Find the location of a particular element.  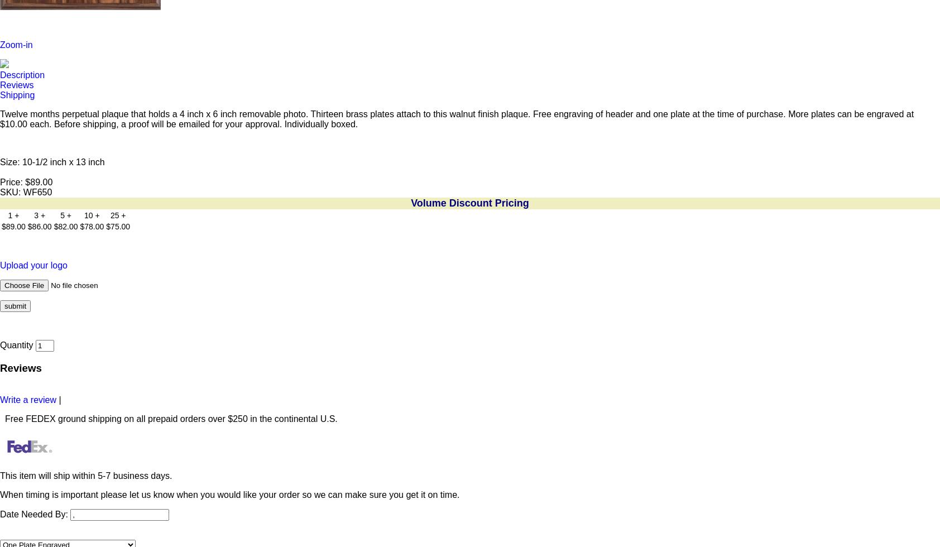

'Zoom-in' is located at coordinates (15, 45).